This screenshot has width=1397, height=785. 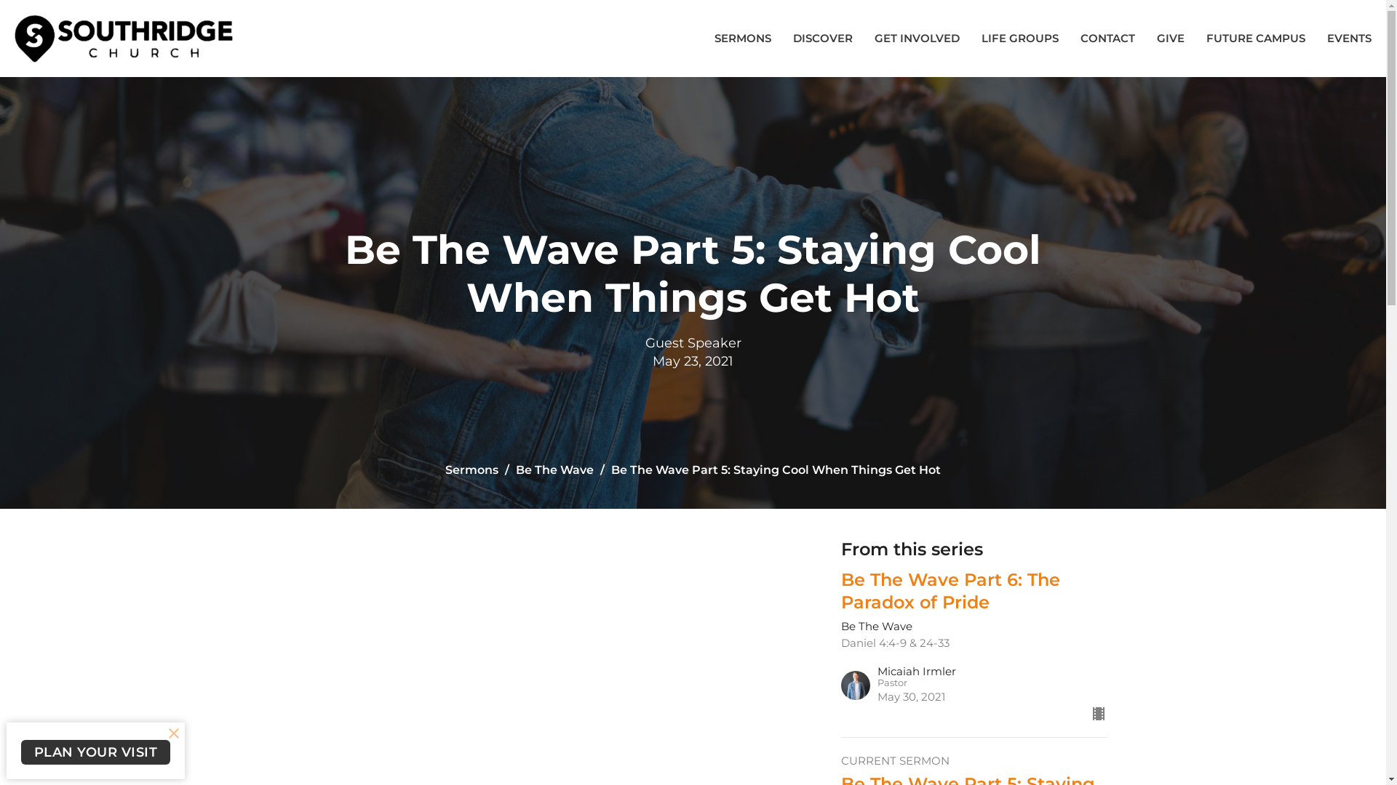 What do you see at coordinates (823, 37) in the screenshot?
I see `'DISCOVER'` at bounding box center [823, 37].